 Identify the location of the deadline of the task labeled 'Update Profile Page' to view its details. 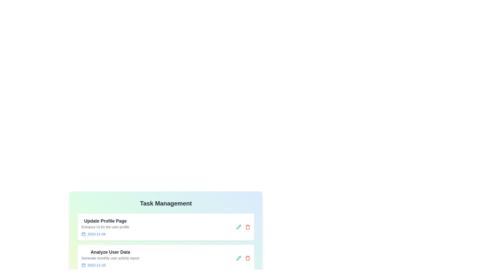
(105, 234).